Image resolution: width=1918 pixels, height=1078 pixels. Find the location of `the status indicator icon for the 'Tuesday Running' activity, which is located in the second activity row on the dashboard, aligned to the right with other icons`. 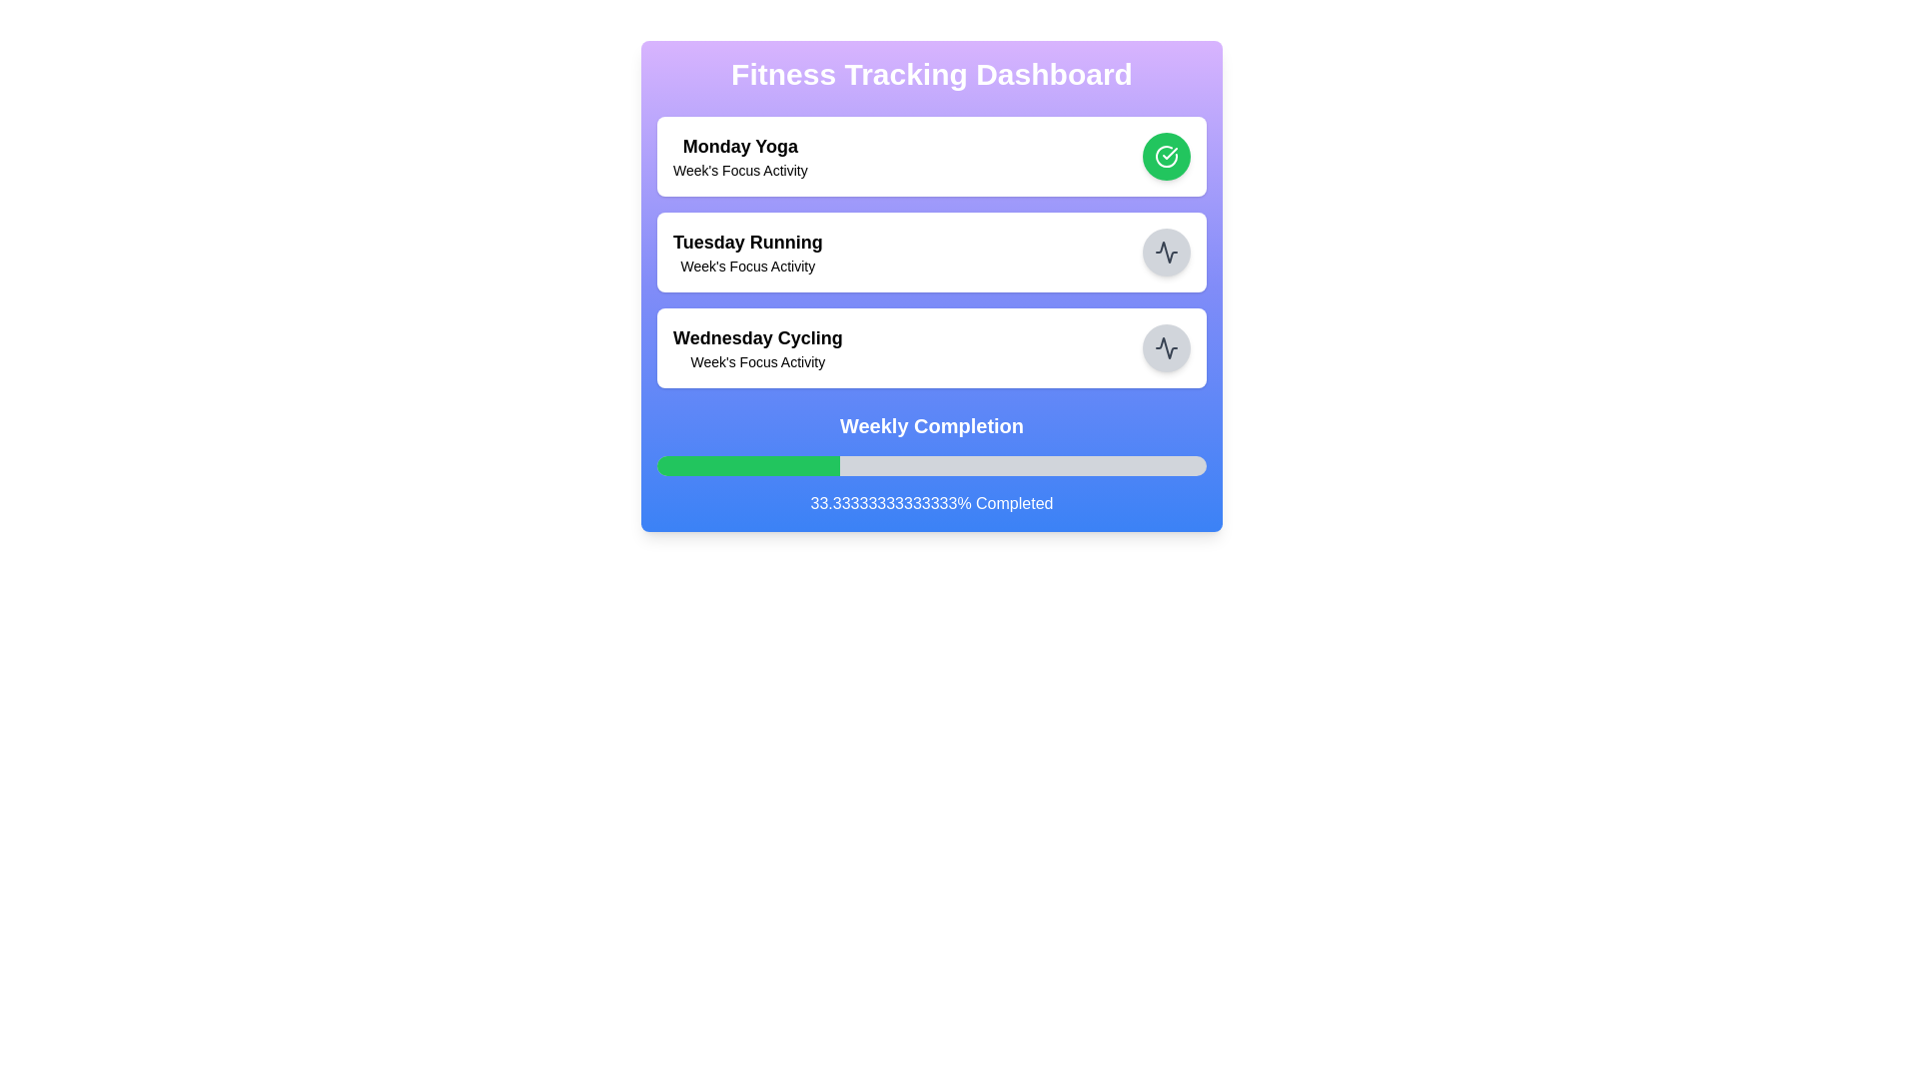

the status indicator icon for the 'Tuesday Running' activity, which is located in the second activity row on the dashboard, aligned to the right with other icons is located at coordinates (1166, 346).